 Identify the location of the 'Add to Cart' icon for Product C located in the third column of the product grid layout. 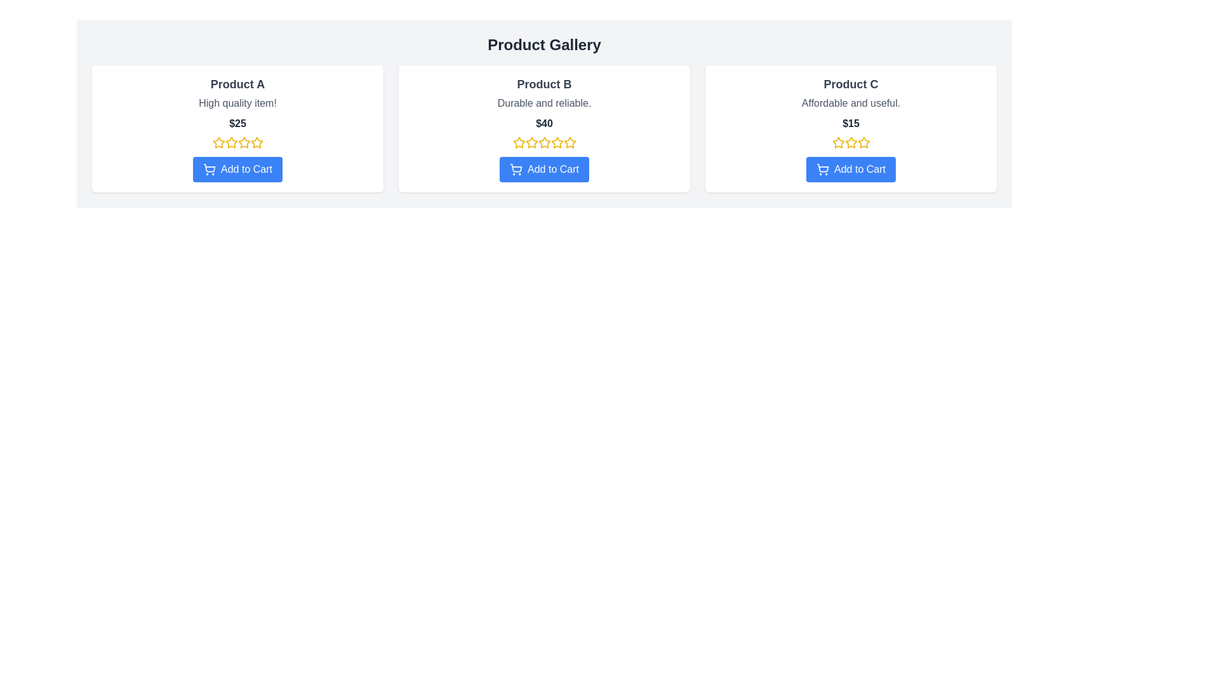
(823, 167).